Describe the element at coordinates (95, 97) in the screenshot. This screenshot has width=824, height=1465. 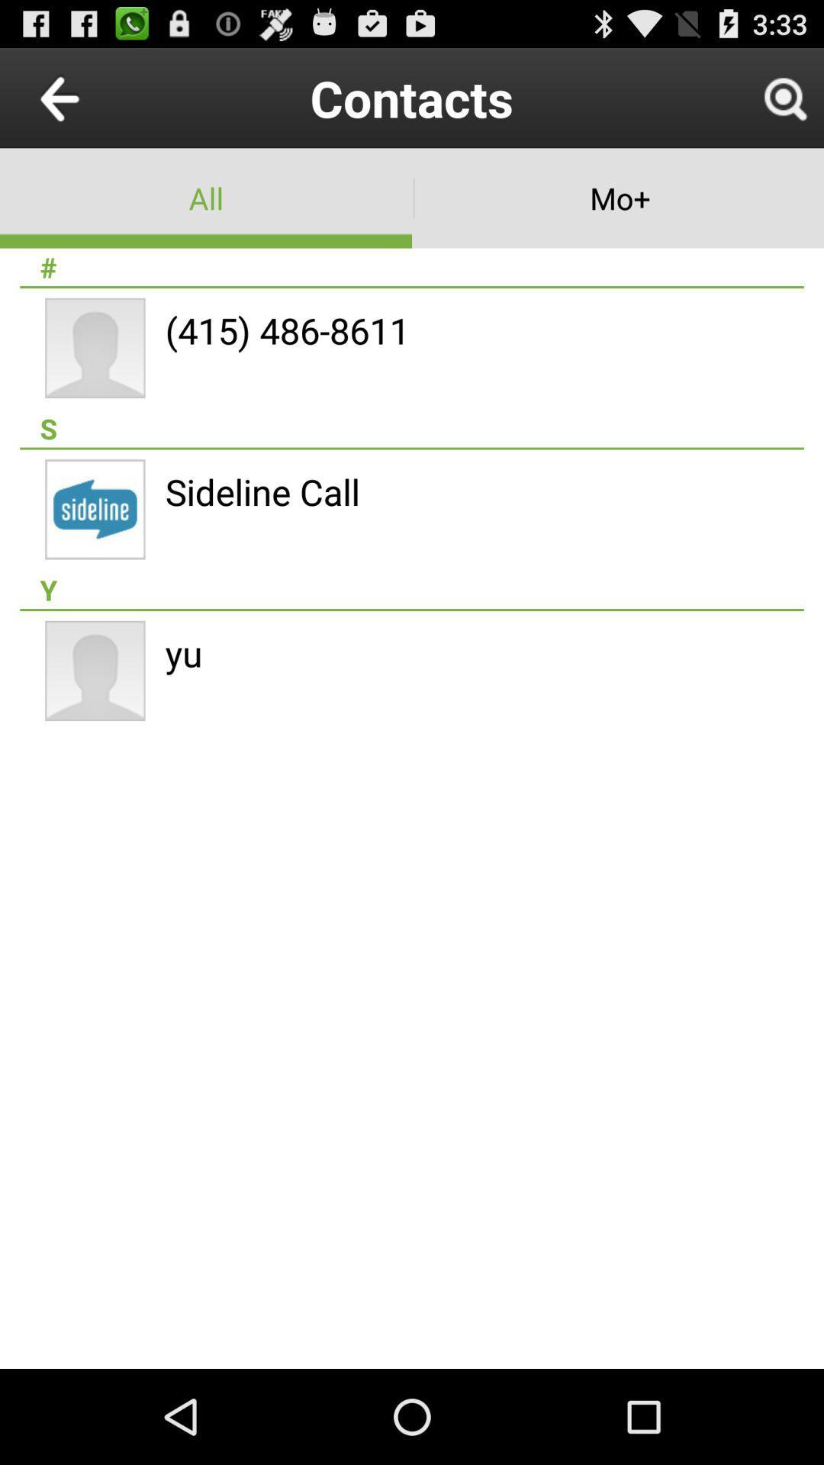
I see `go back` at that location.